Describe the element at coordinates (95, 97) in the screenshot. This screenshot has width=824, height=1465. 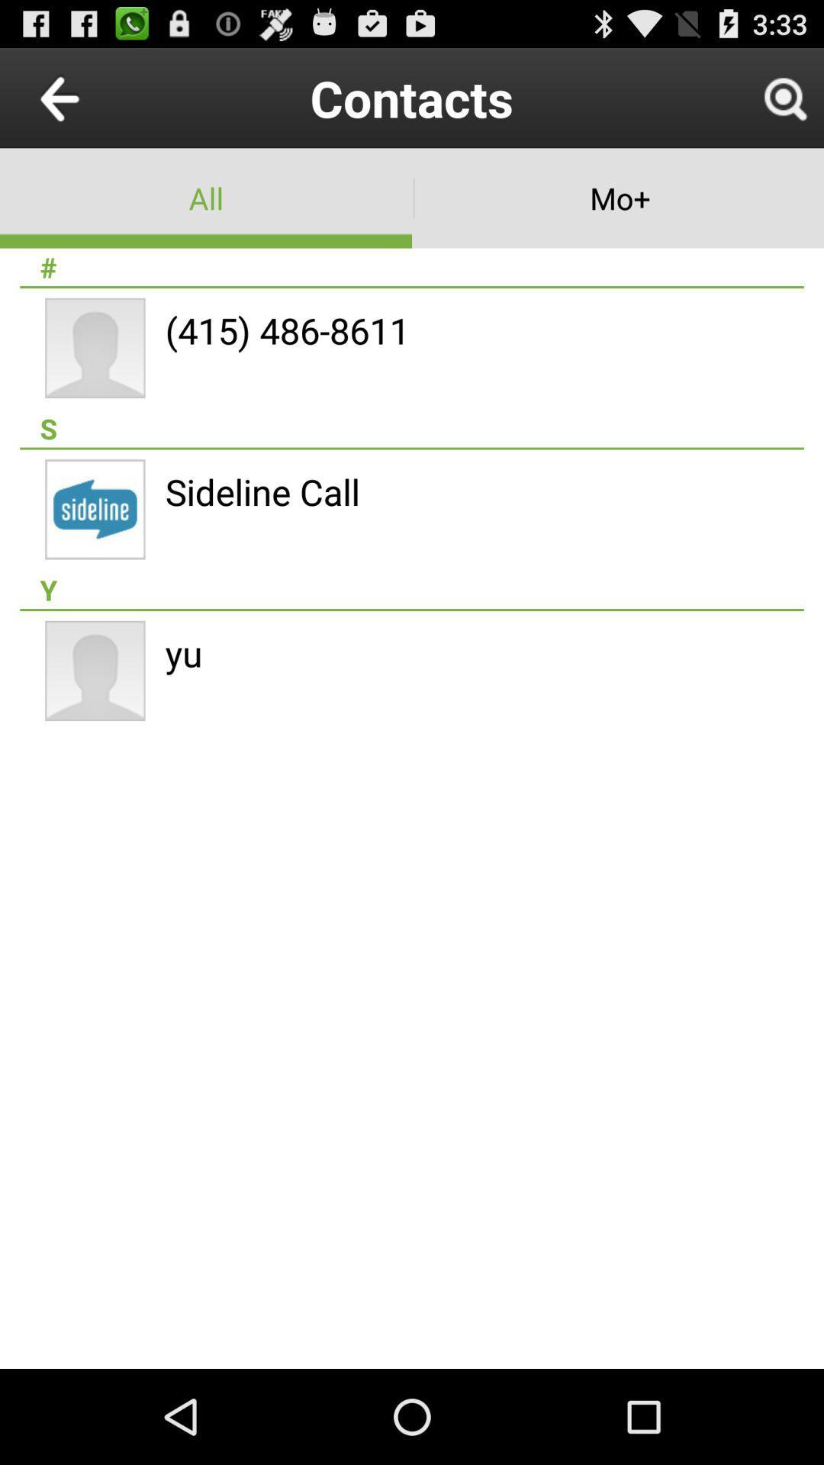
I see `go back` at that location.